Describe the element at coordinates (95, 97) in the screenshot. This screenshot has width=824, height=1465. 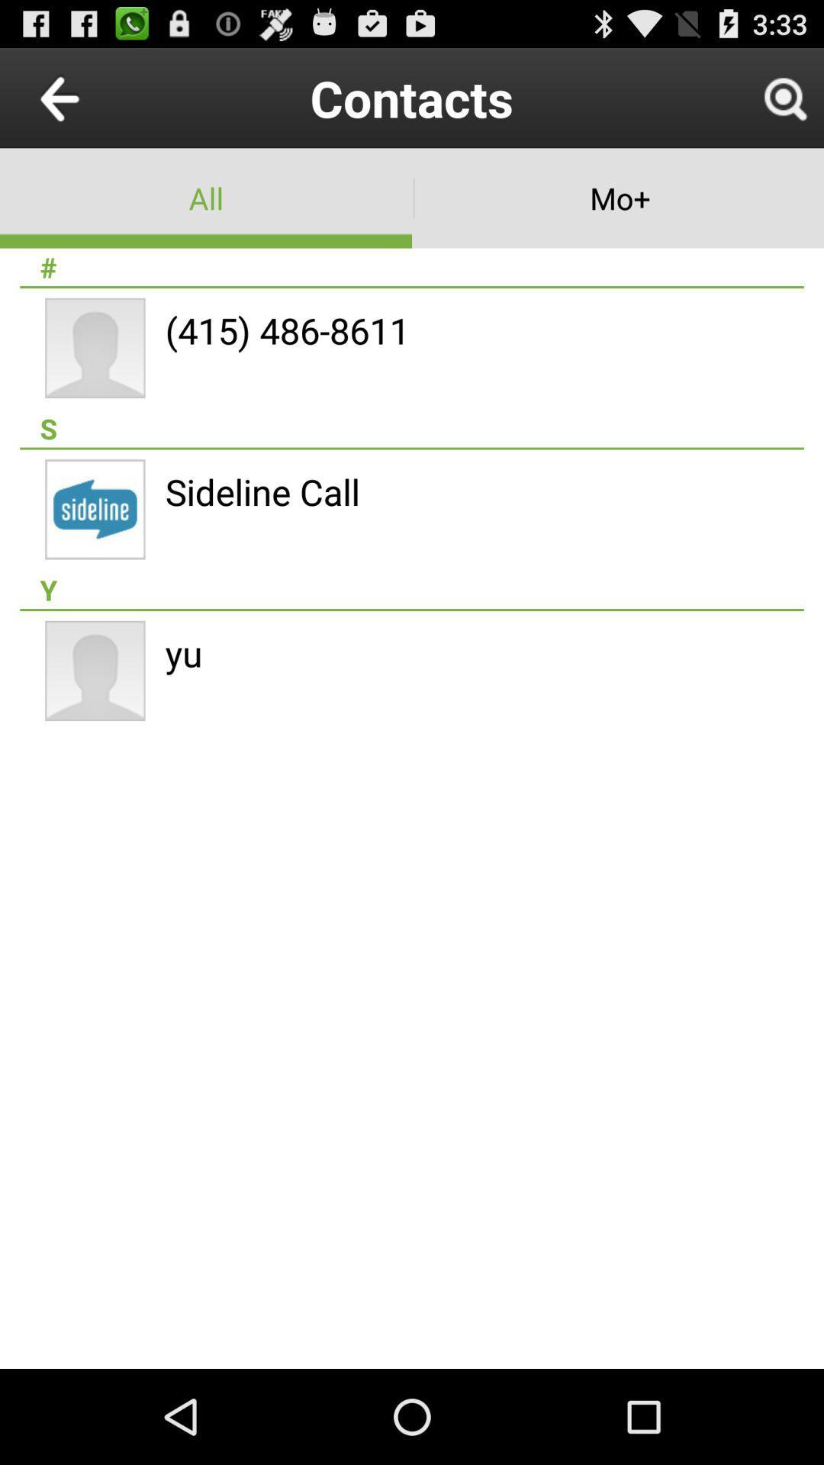
I see `go back` at that location.